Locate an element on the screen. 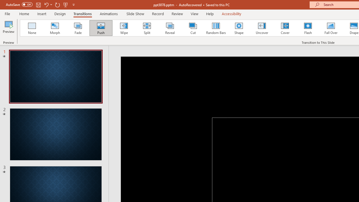  'Fall Over' is located at coordinates (331, 28).